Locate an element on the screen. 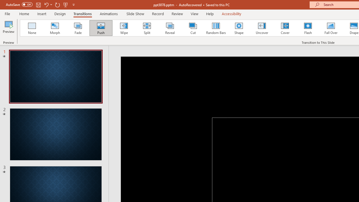  'Fall Over' is located at coordinates (331, 28).